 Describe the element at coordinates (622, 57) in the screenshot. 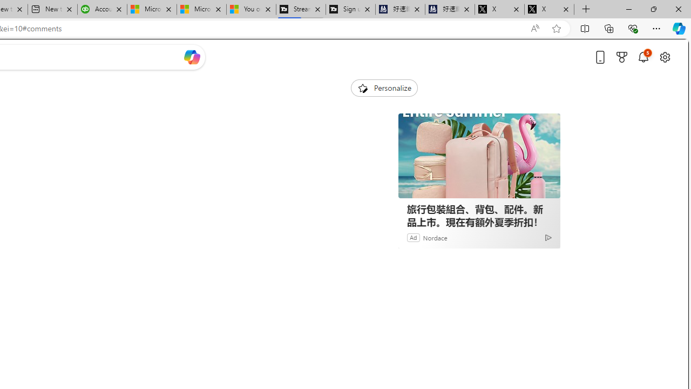

I see `'Microsoft rewards'` at that location.